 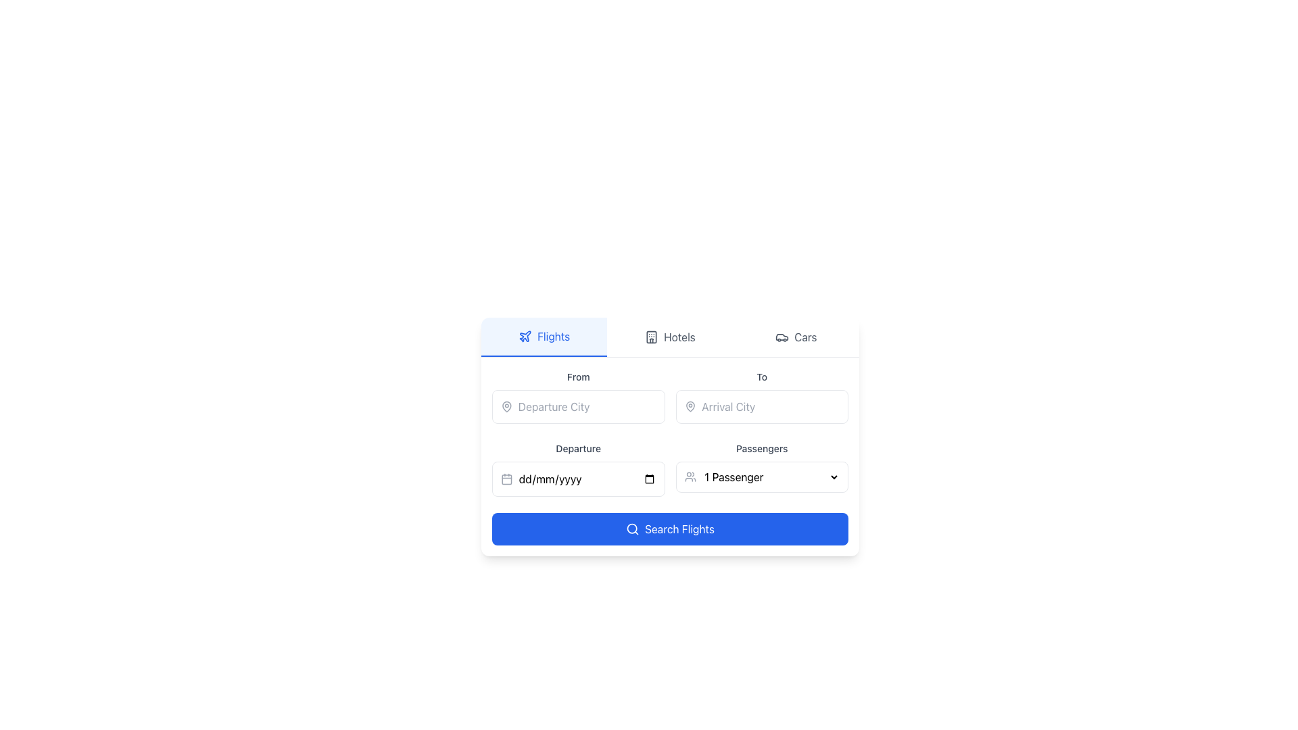 I want to click on the date input field for the 'Departure' section, which is styled with rounded corners and includes a placeholder in the format 'dd/mm/yyyy', so click(x=587, y=479).